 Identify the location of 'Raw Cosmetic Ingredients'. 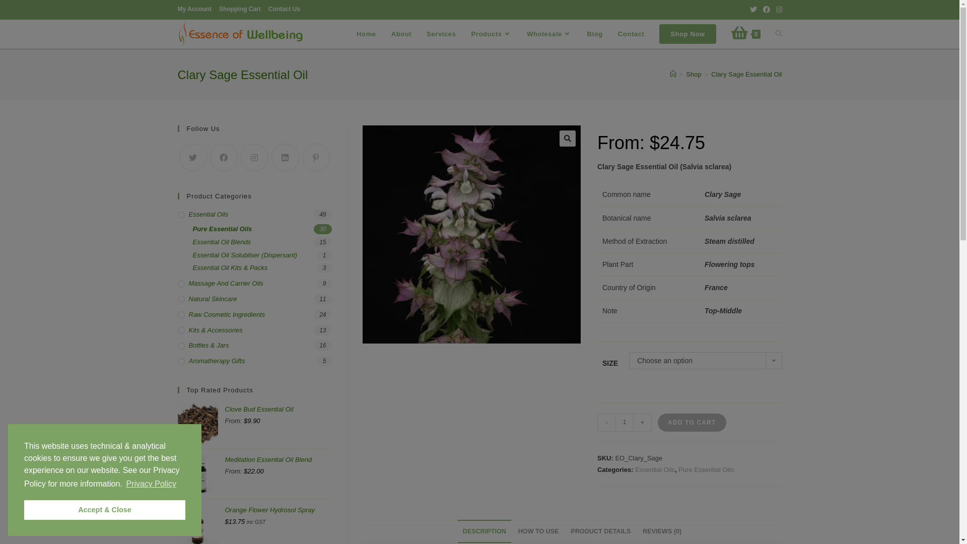
(254, 314).